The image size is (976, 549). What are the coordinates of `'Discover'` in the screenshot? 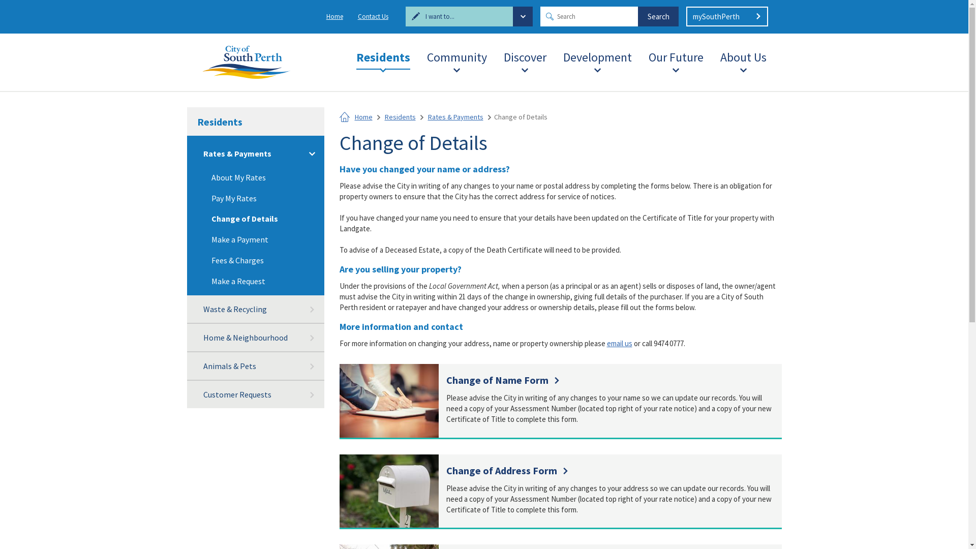 It's located at (525, 55).